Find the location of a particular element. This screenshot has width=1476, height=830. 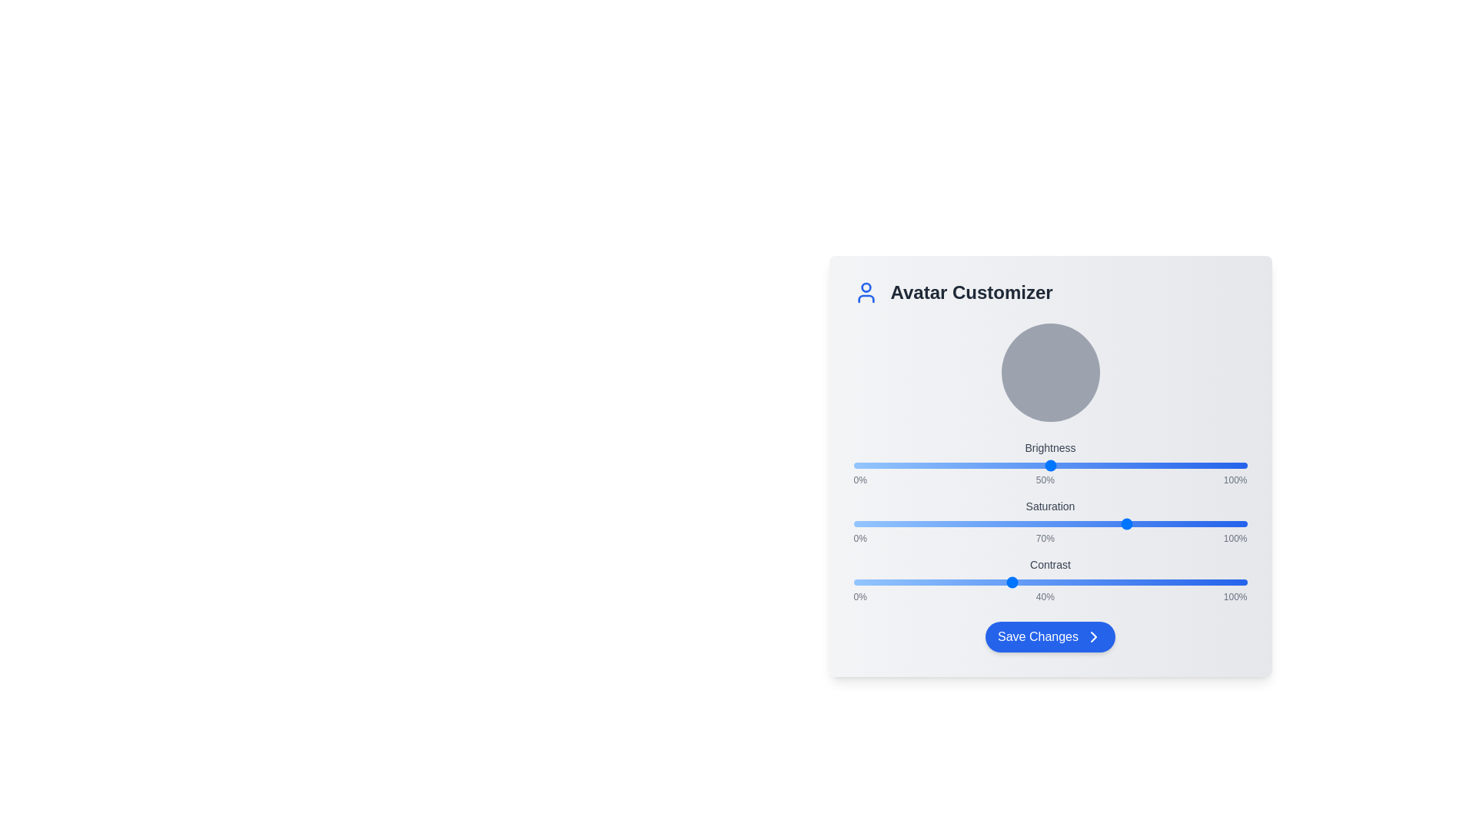

the Saturation slider to 65% is located at coordinates (1109, 523).